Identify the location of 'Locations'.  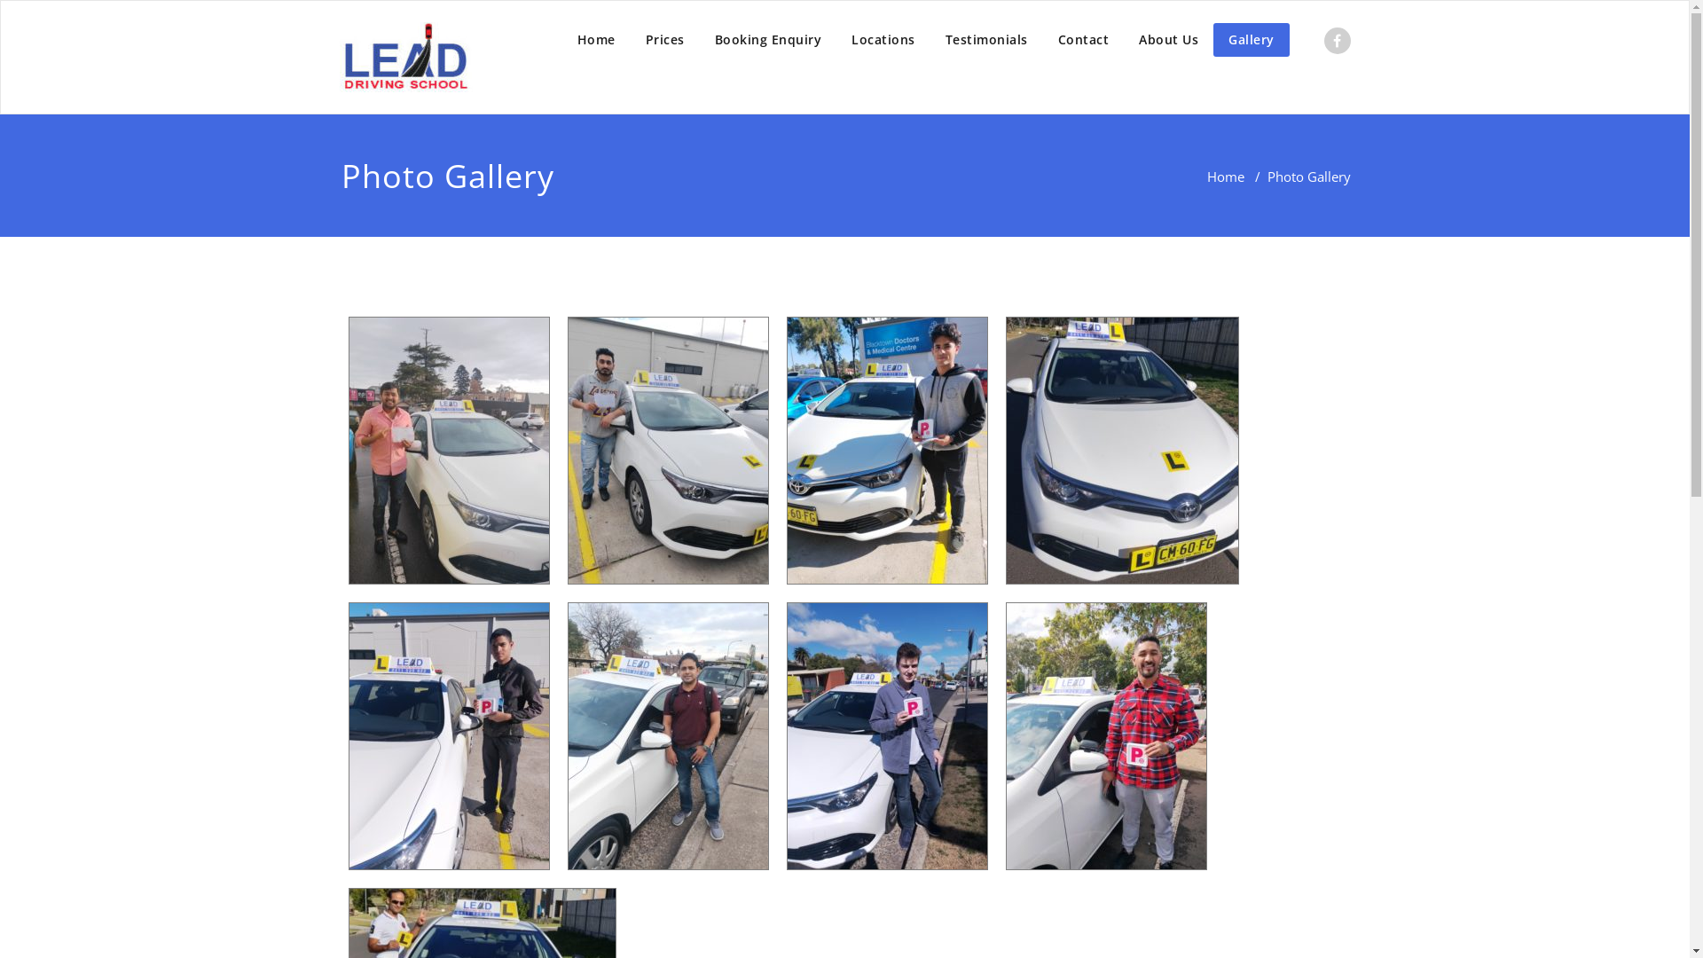
(883, 40).